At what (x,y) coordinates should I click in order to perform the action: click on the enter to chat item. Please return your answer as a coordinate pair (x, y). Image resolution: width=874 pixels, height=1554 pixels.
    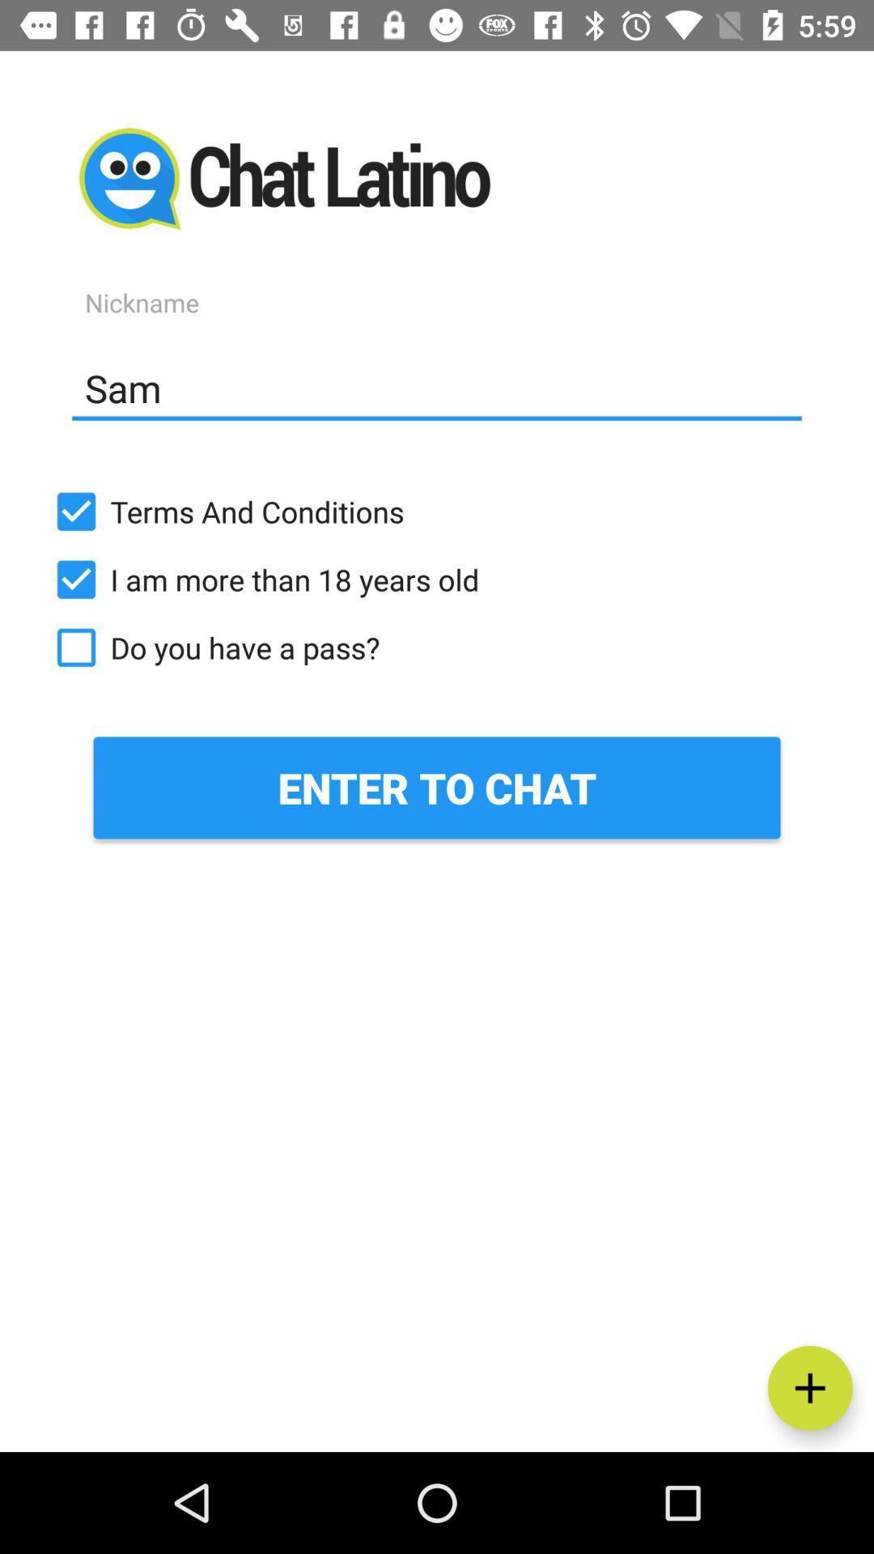
    Looking at the image, I should click on (437, 788).